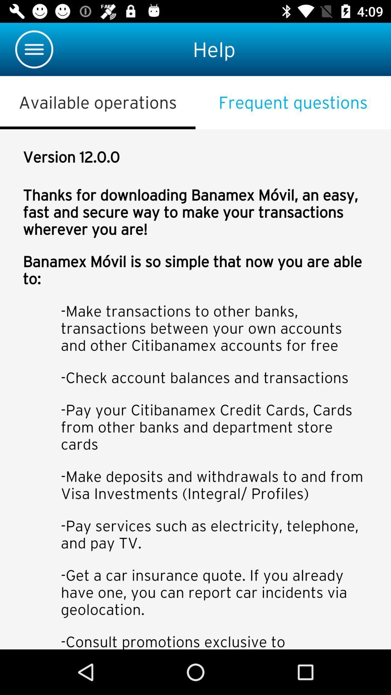 This screenshot has height=695, width=391. What do you see at coordinates (195, 389) in the screenshot?
I see `full page` at bounding box center [195, 389].